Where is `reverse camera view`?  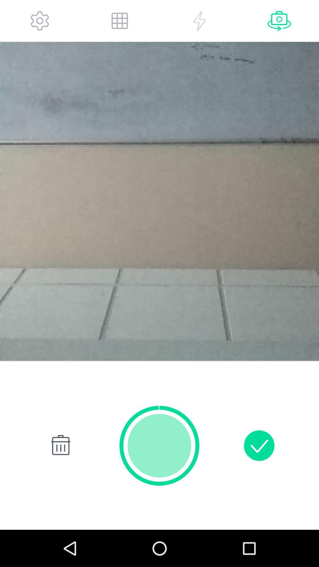 reverse camera view is located at coordinates (279, 21).